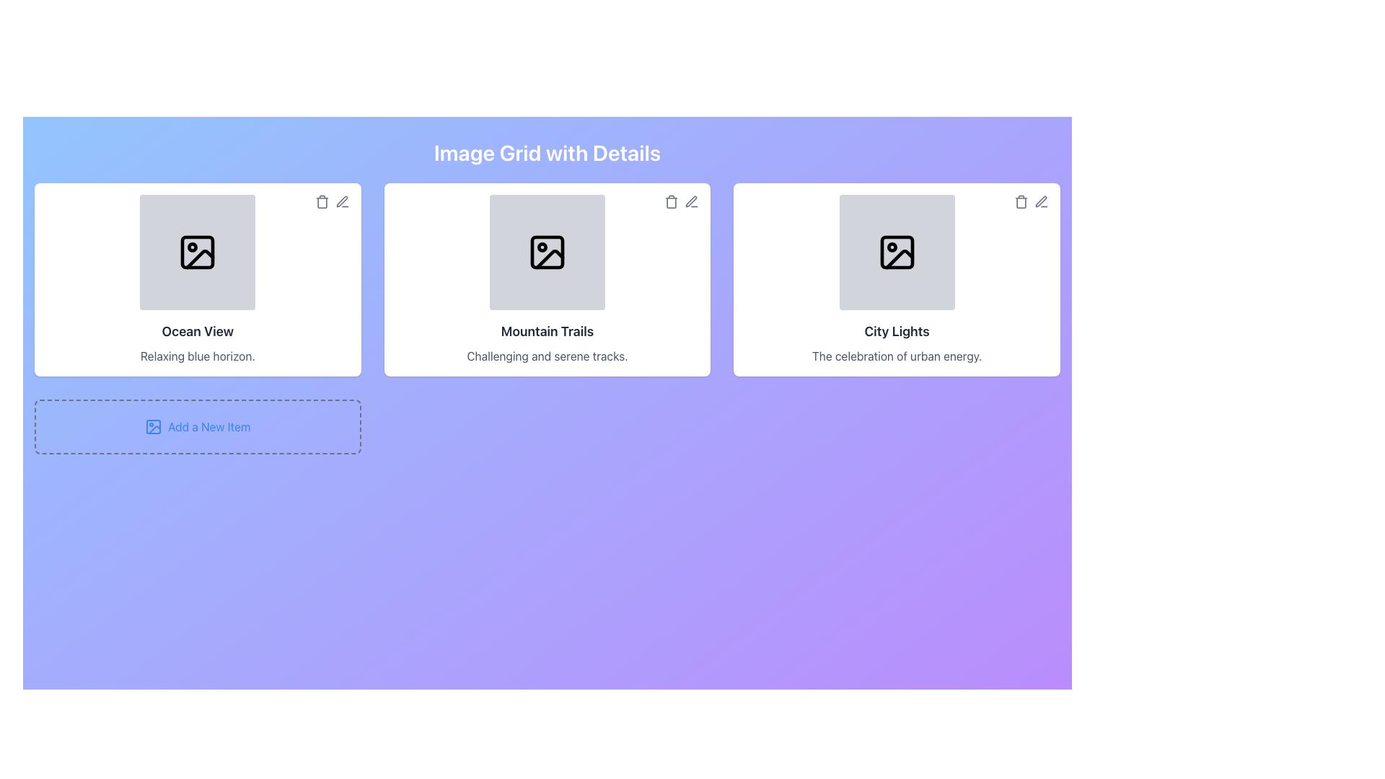  What do you see at coordinates (690, 201) in the screenshot?
I see `the 'Edit' icon represented by a pen or pencil in the top right corner of the 'Mountain Trails' card` at bounding box center [690, 201].